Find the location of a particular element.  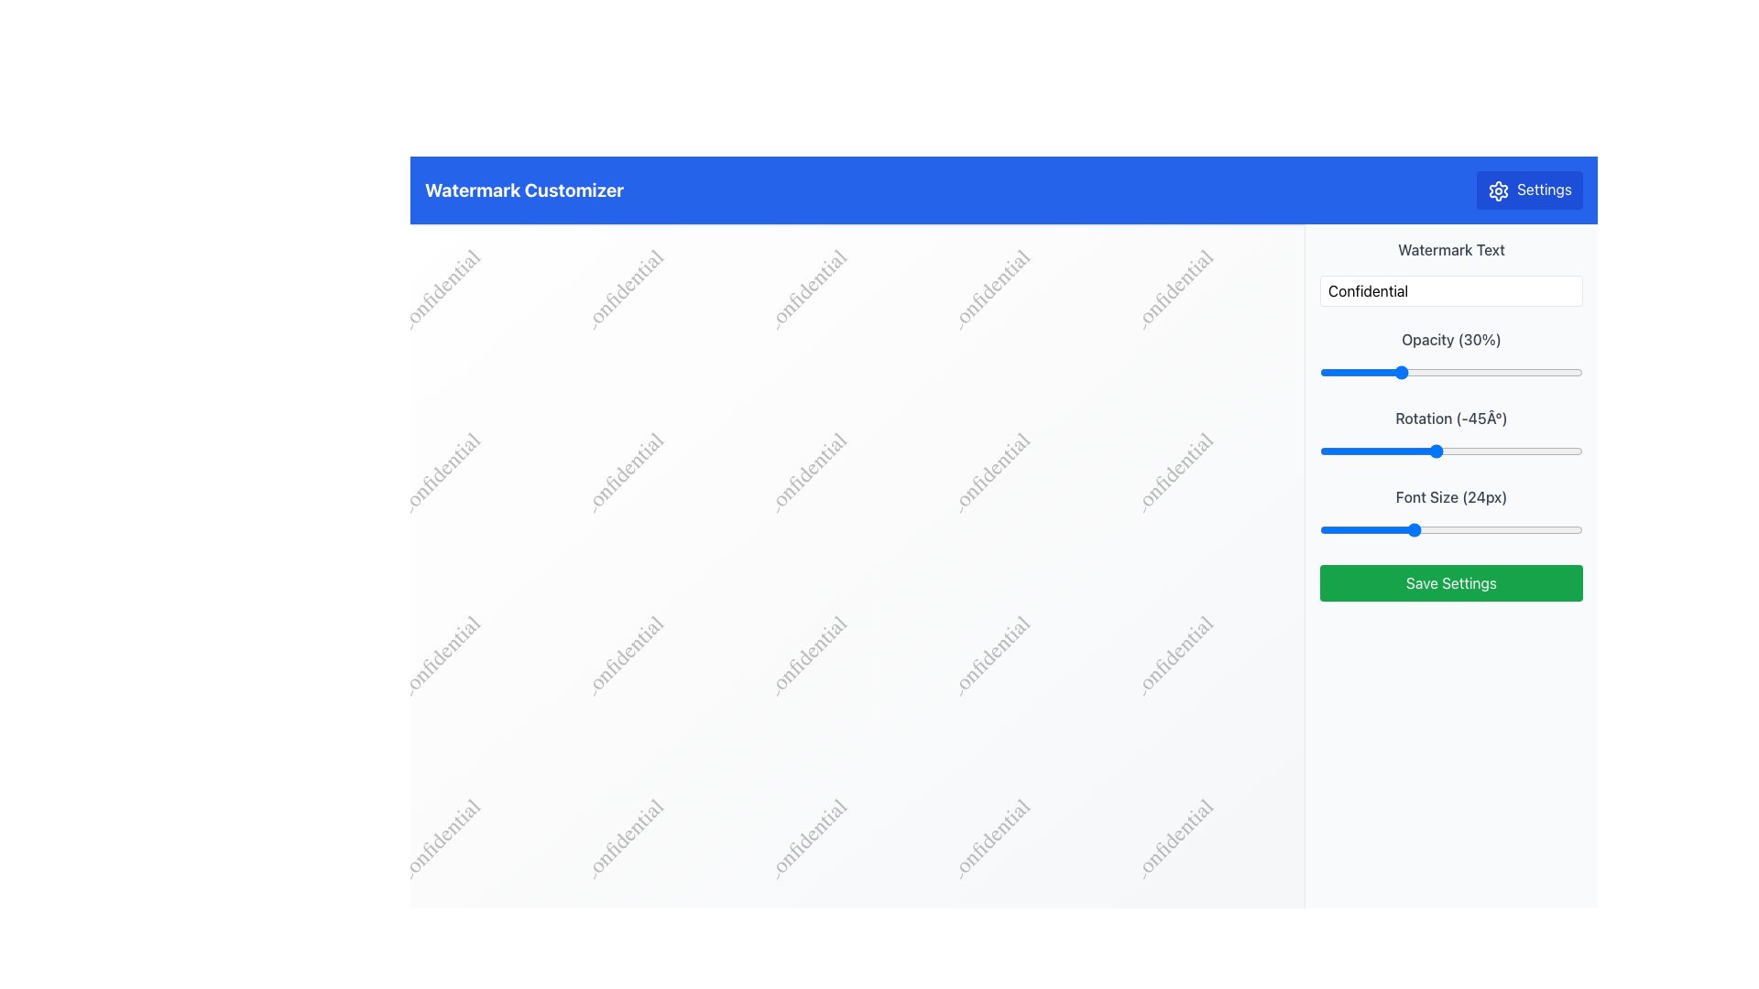

rotation is located at coordinates (1362, 451).